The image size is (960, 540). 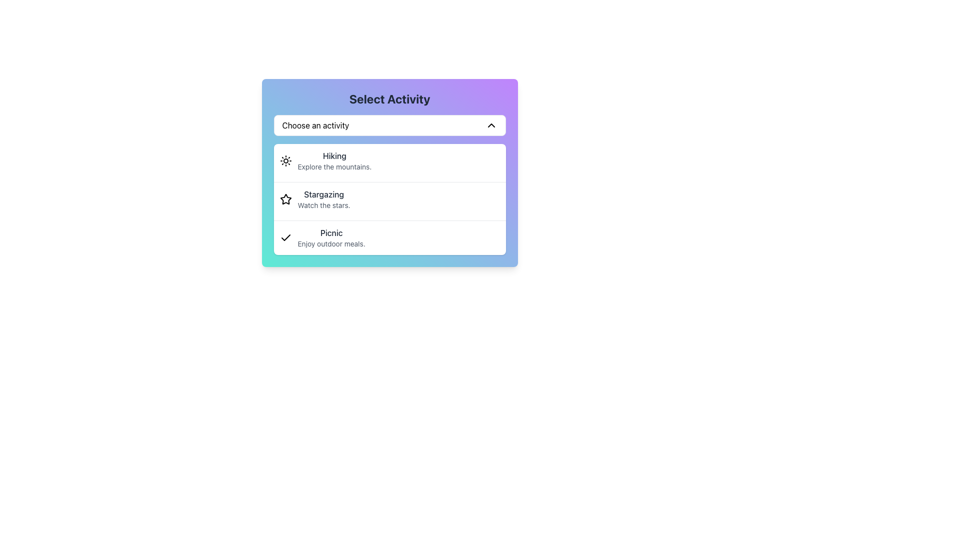 What do you see at coordinates (331, 233) in the screenshot?
I see `the 'Picnic' text label` at bounding box center [331, 233].